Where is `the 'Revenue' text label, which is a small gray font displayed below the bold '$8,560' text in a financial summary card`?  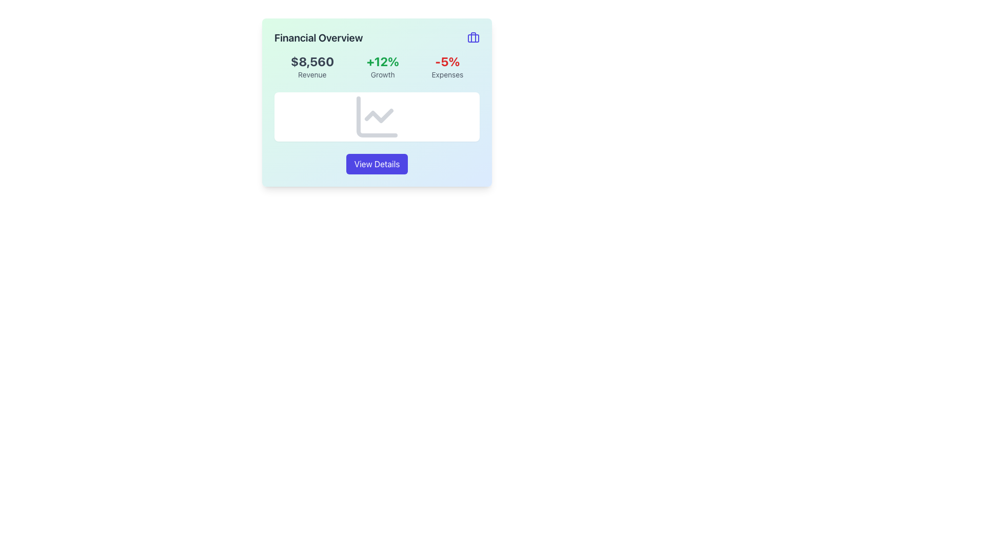 the 'Revenue' text label, which is a small gray font displayed below the bold '$8,560' text in a financial summary card is located at coordinates (311, 74).